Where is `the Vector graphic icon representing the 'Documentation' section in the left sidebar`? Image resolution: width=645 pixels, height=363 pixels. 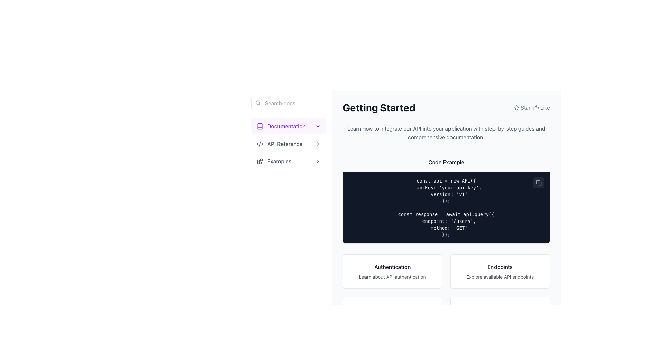 the Vector graphic icon representing the 'Documentation' section in the left sidebar is located at coordinates (259, 126).